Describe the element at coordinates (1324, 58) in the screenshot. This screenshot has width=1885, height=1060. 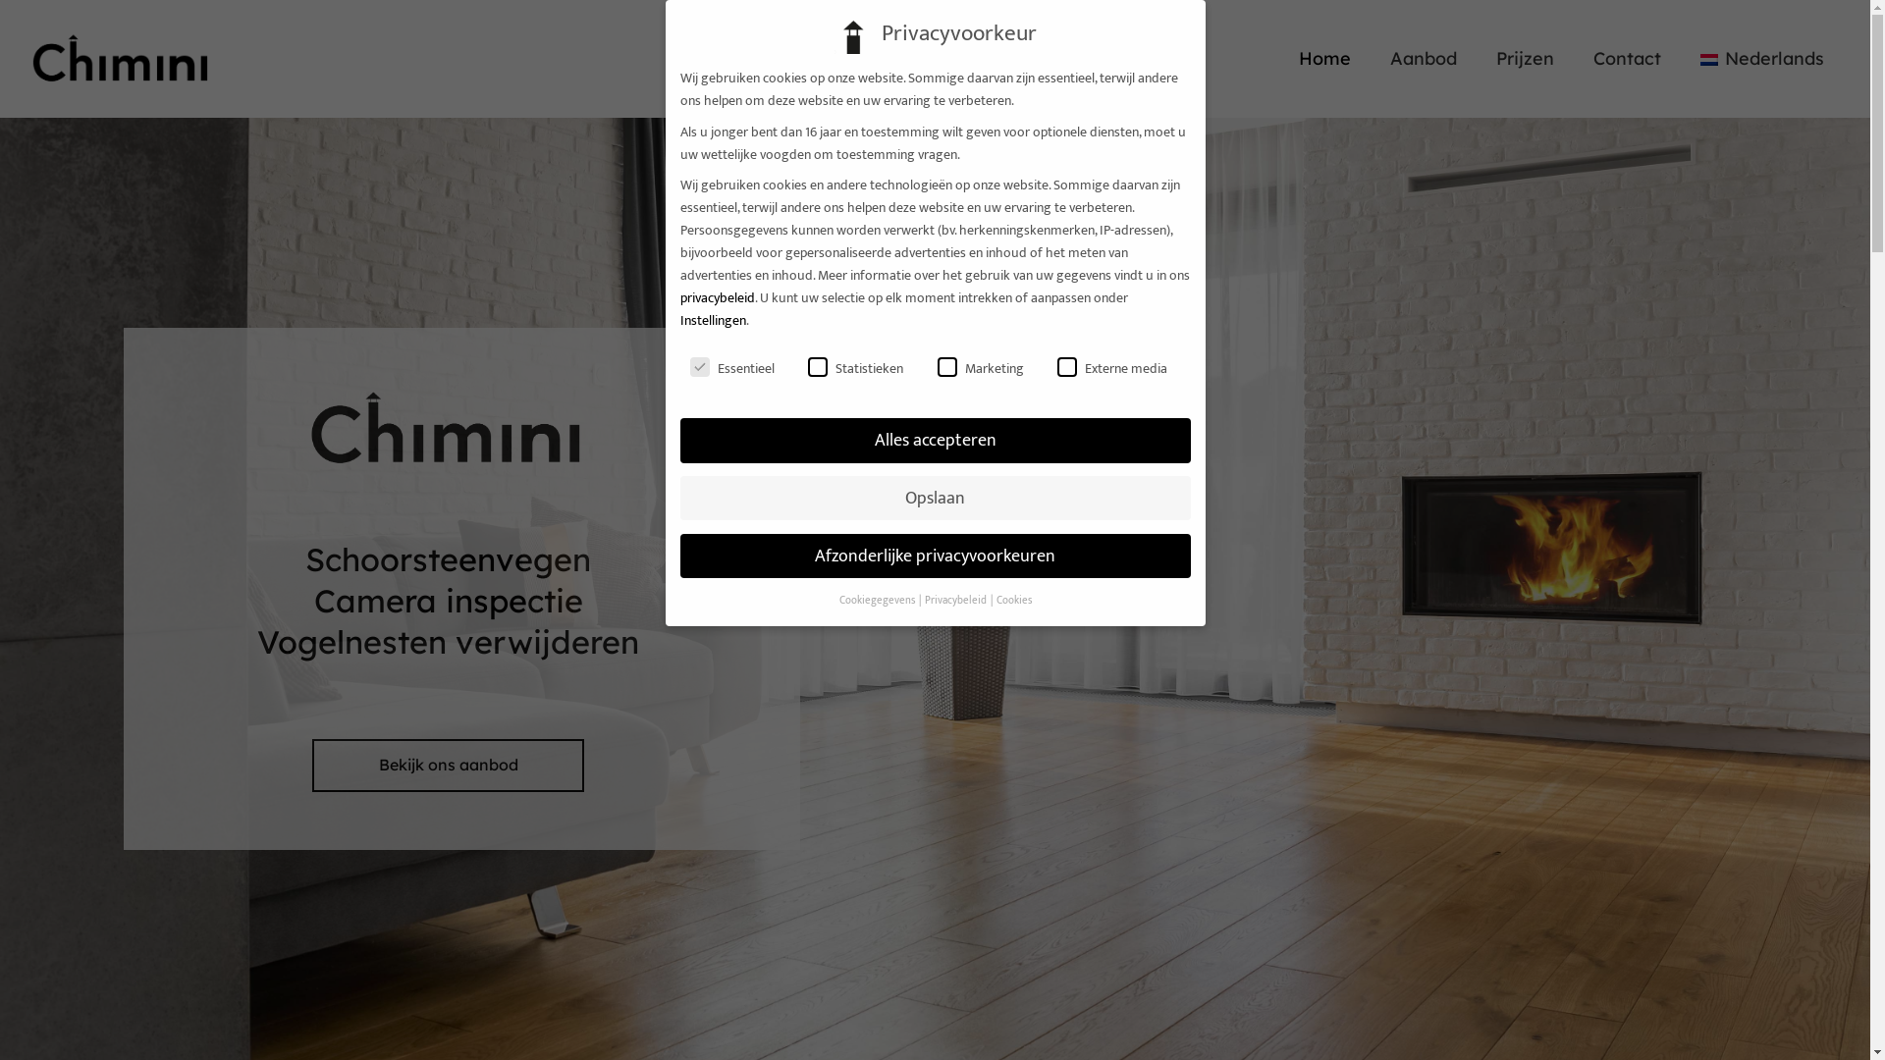
I see `'Home'` at that location.